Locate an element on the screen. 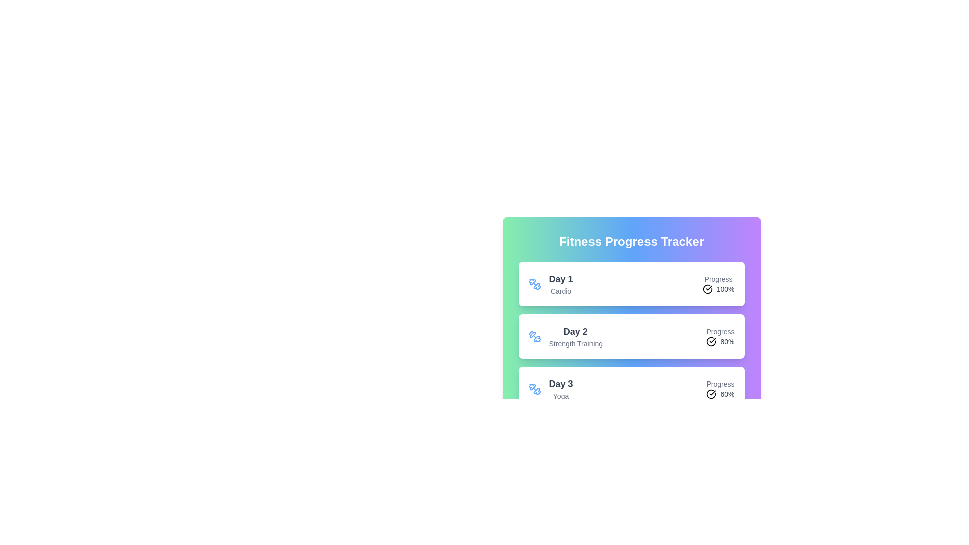 Image resolution: width=969 pixels, height=545 pixels. the workout item for Day 1 is located at coordinates (631, 284).